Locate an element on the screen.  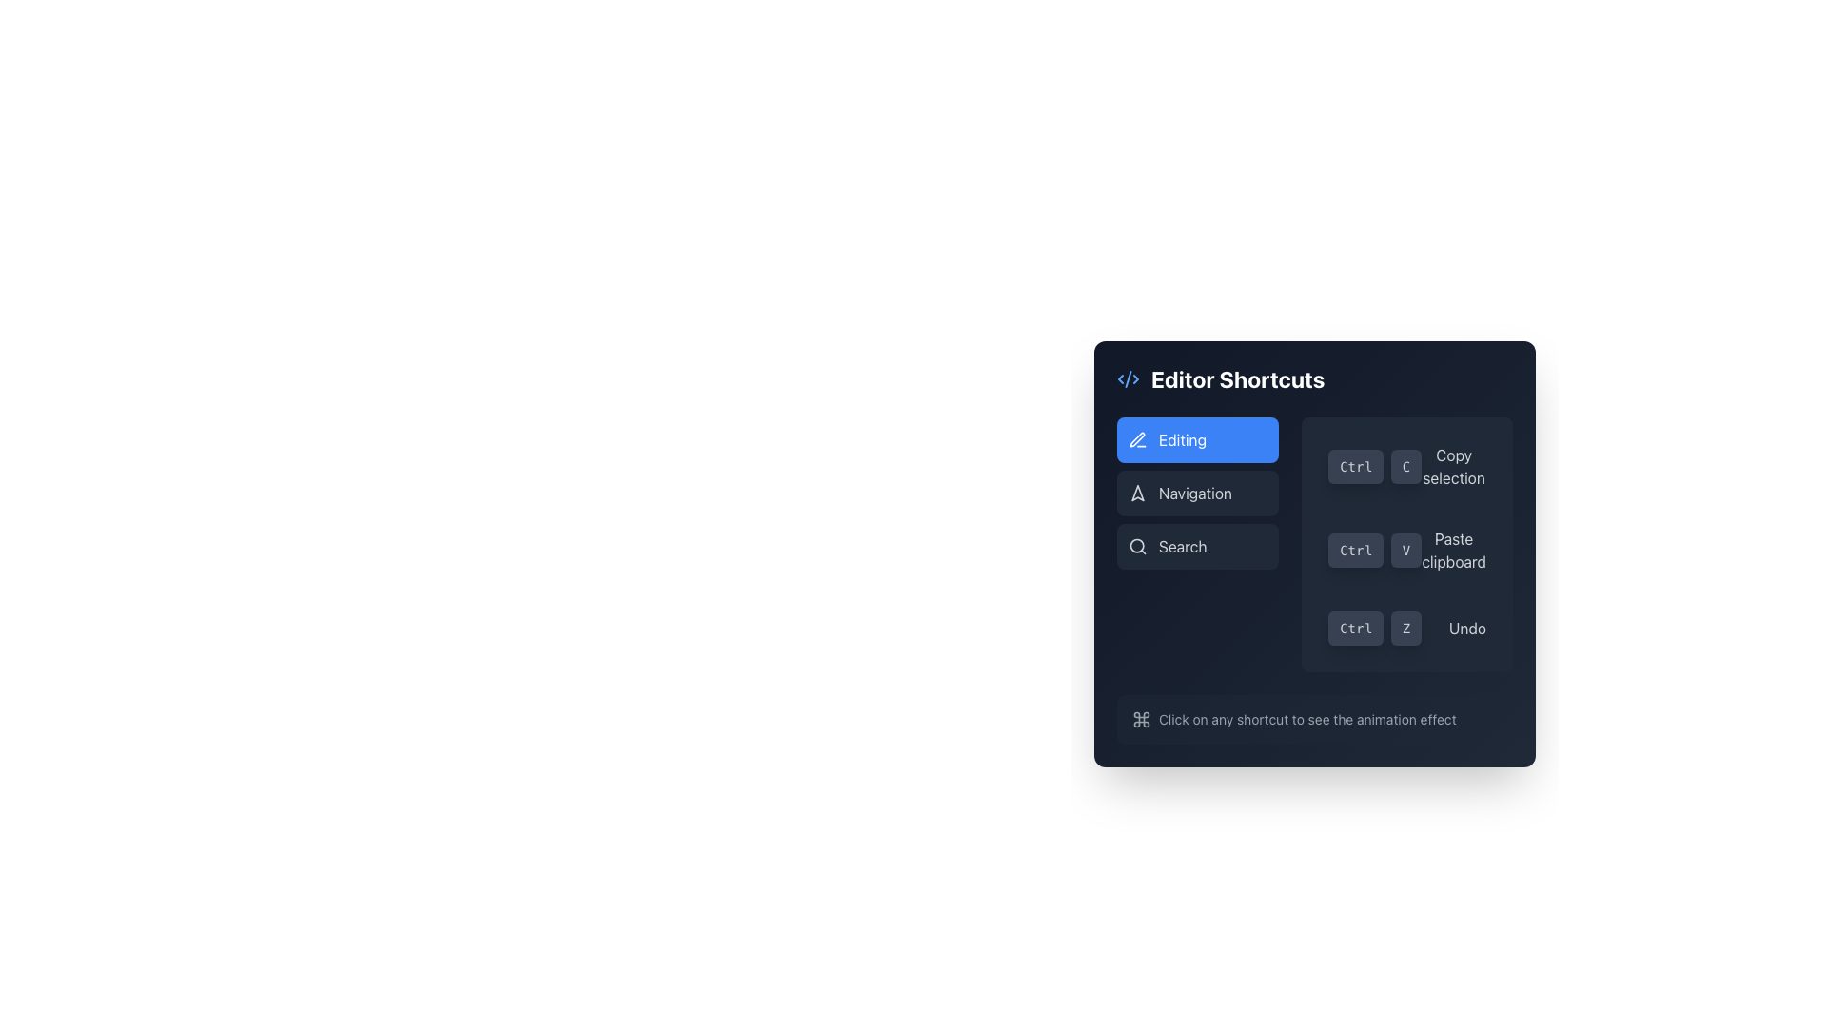
the Symbolic Icon, a minimalist triangular arrow shape indicating navigation, located within the 'Editor Shortcuts' menu adjacent to the 'Navigation' tab is located at coordinates (1137, 491).